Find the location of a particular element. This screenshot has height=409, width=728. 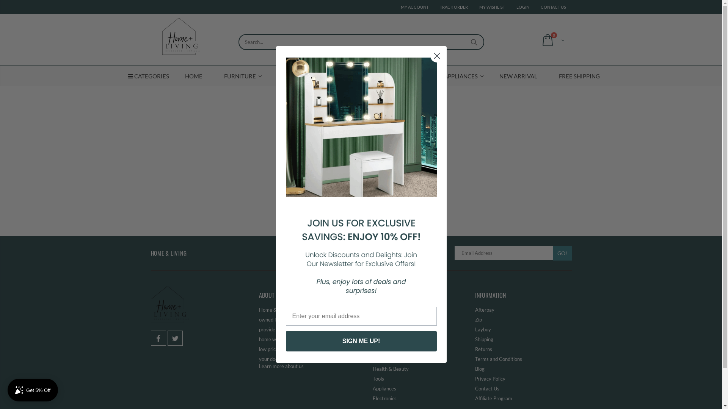

'0' is located at coordinates (551, 39).